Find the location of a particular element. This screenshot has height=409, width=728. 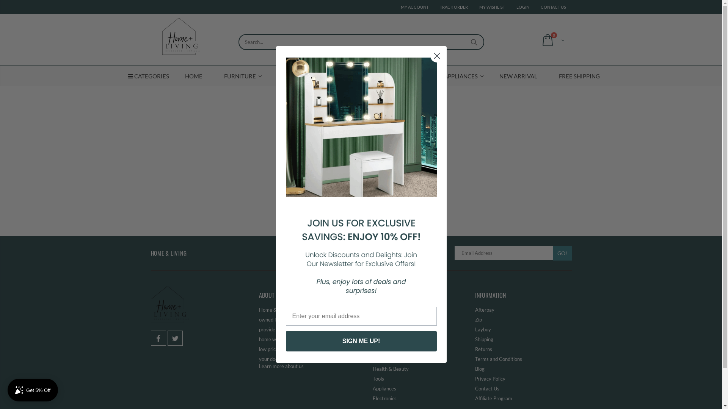

'0' is located at coordinates (551, 39).